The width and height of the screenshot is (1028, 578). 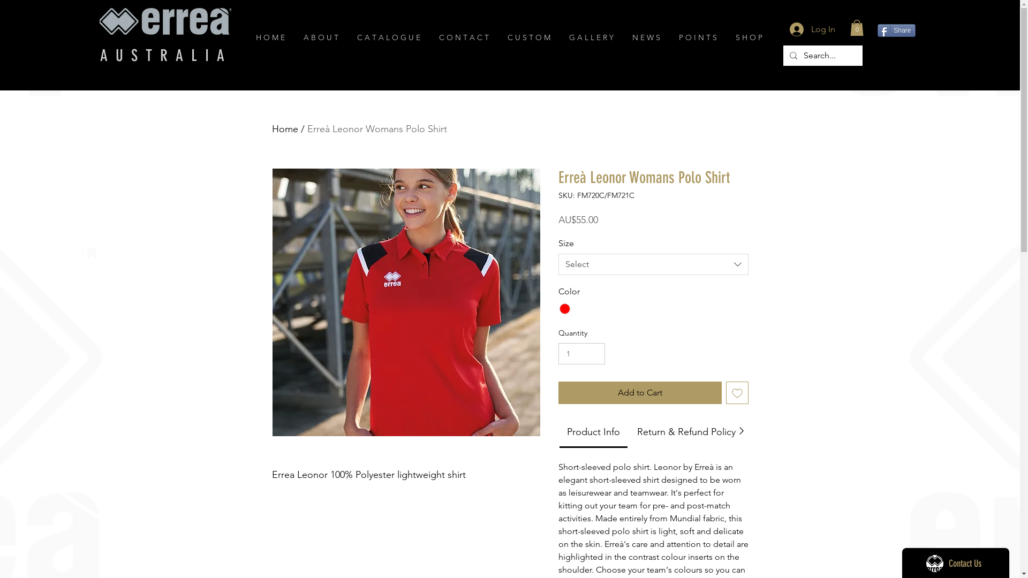 What do you see at coordinates (749, 36) in the screenshot?
I see `'S H O P'` at bounding box center [749, 36].